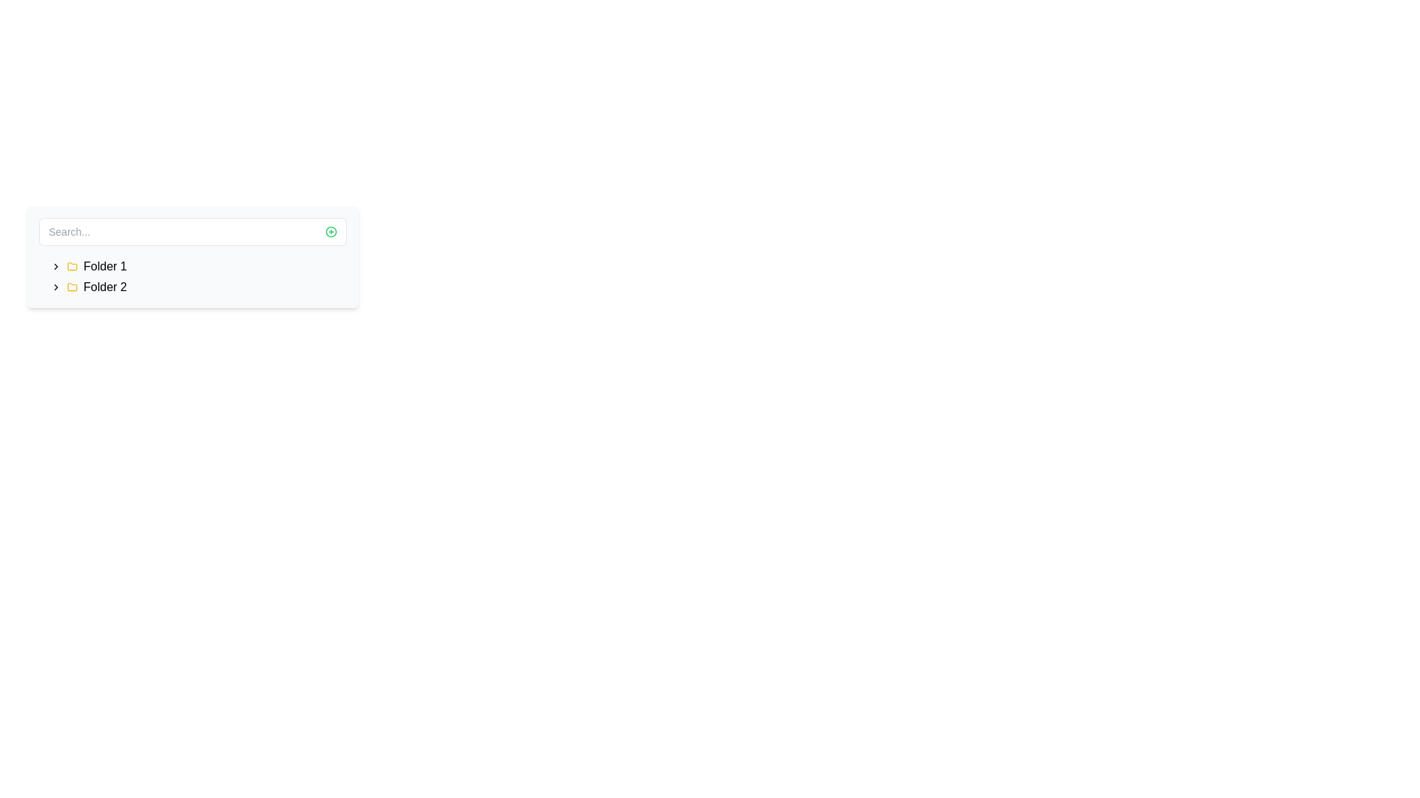  What do you see at coordinates (330, 231) in the screenshot?
I see `the circular decorative element representing the boundary of a plus icon located at the top-right corner near the search bar interface` at bounding box center [330, 231].